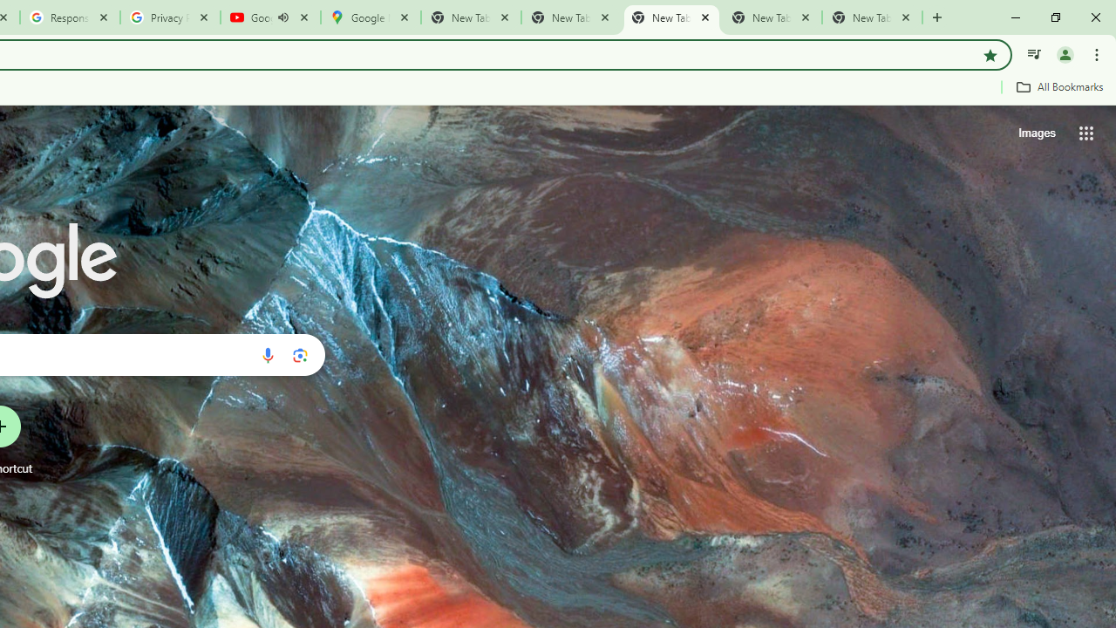 This screenshot has height=628, width=1116. What do you see at coordinates (300, 354) in the screenshot?
I see `'Search by image'` at bounding box center [300, 354].